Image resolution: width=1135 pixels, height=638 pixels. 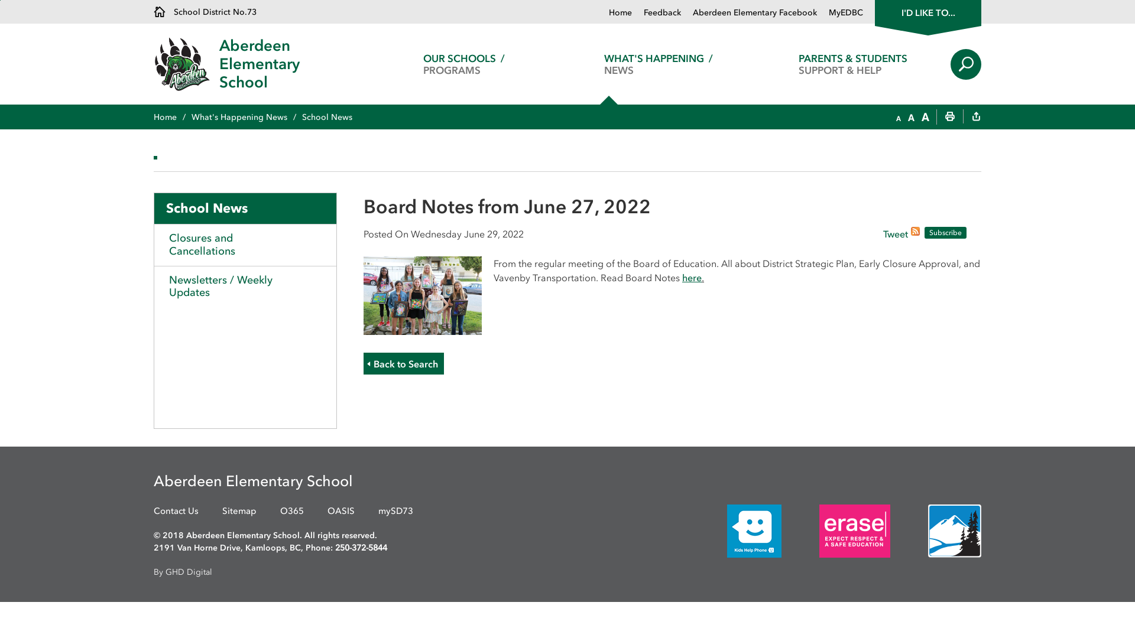 I want to click on 'Closures and Cancellations', so click(x=244, y=243).